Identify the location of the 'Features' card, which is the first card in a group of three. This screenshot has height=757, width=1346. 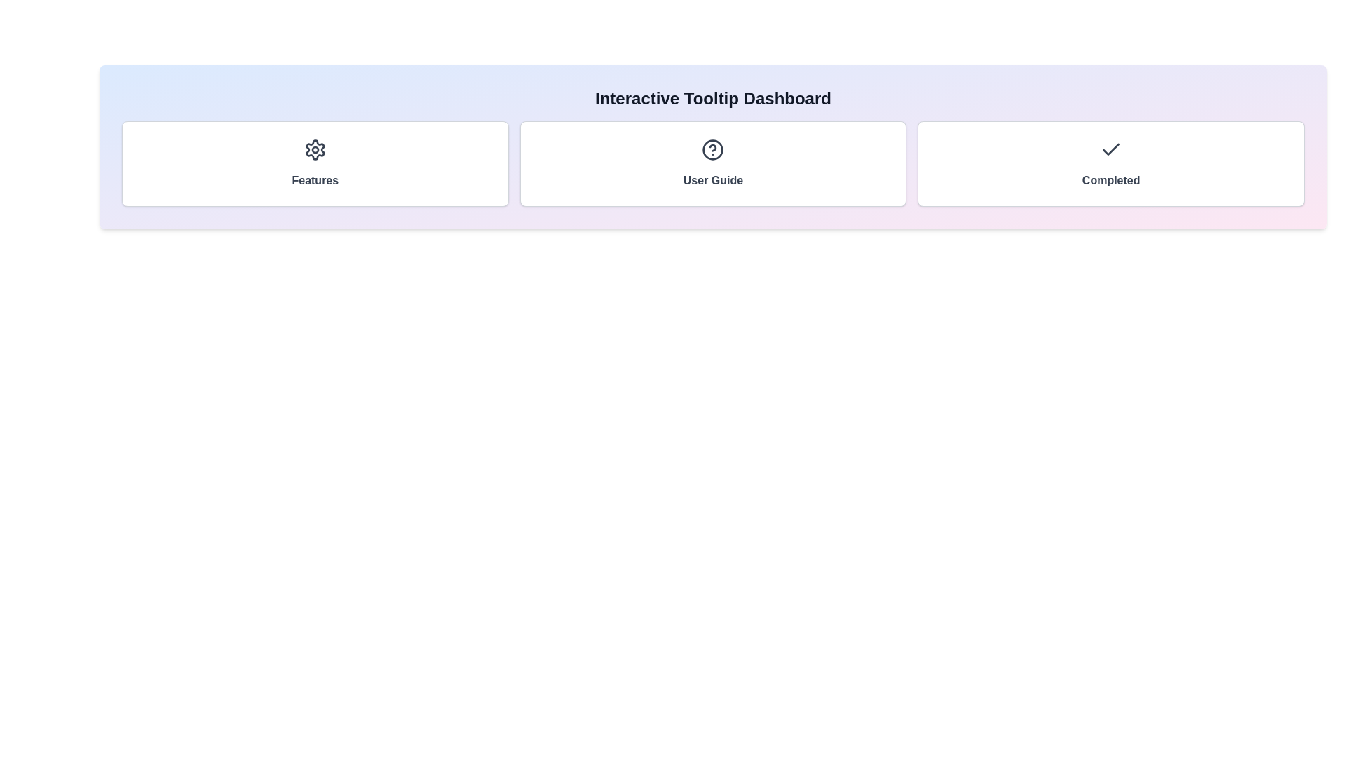
(314, 163).